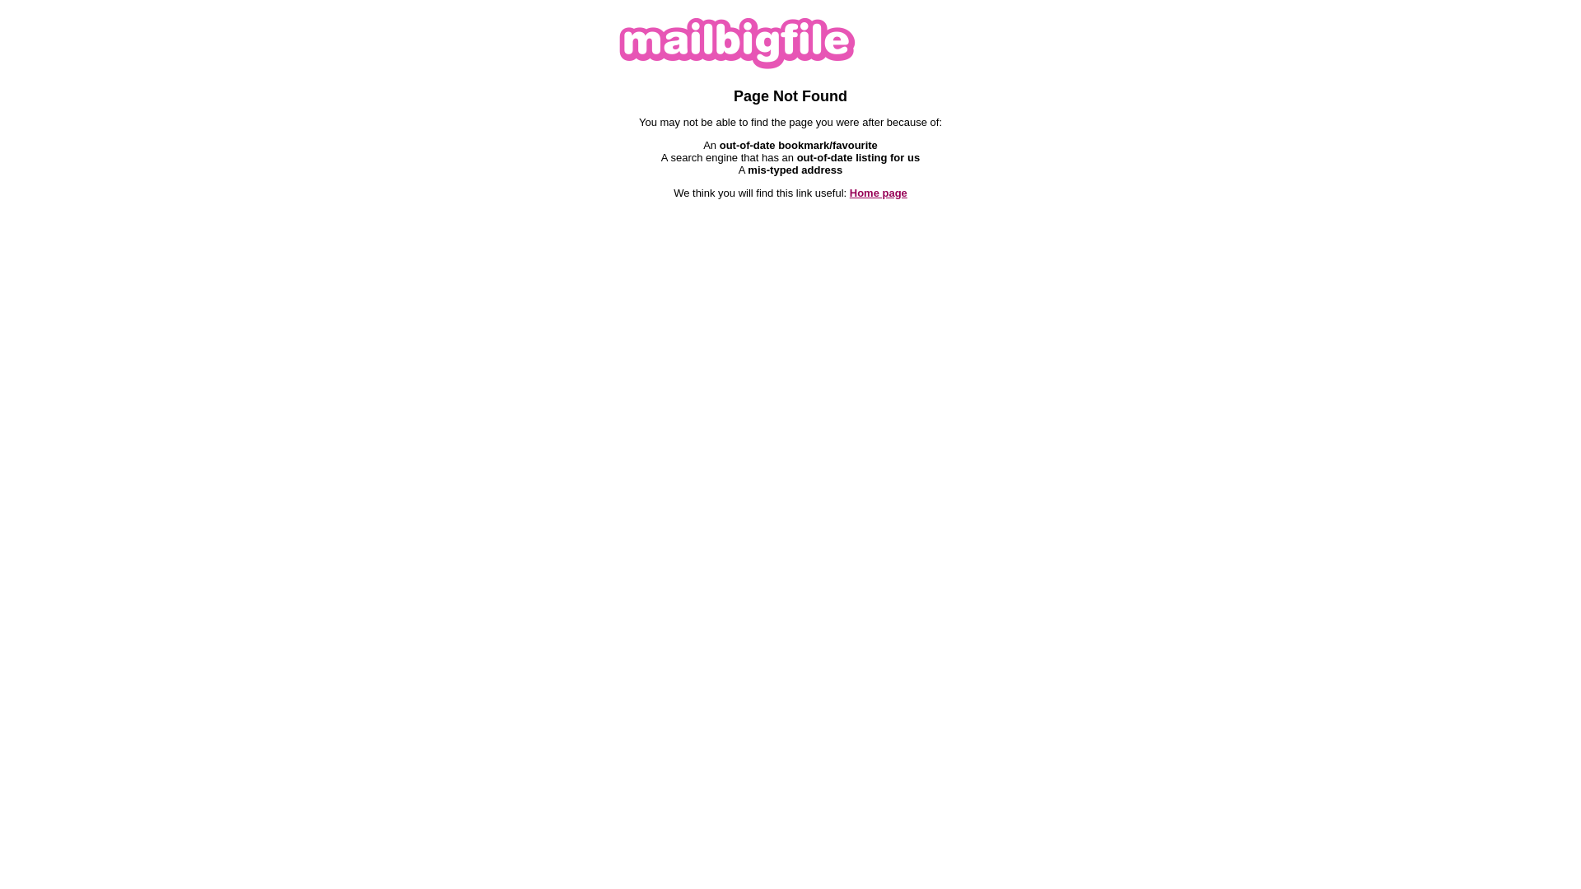  I want to click on 'Home page', so click(850, 192).